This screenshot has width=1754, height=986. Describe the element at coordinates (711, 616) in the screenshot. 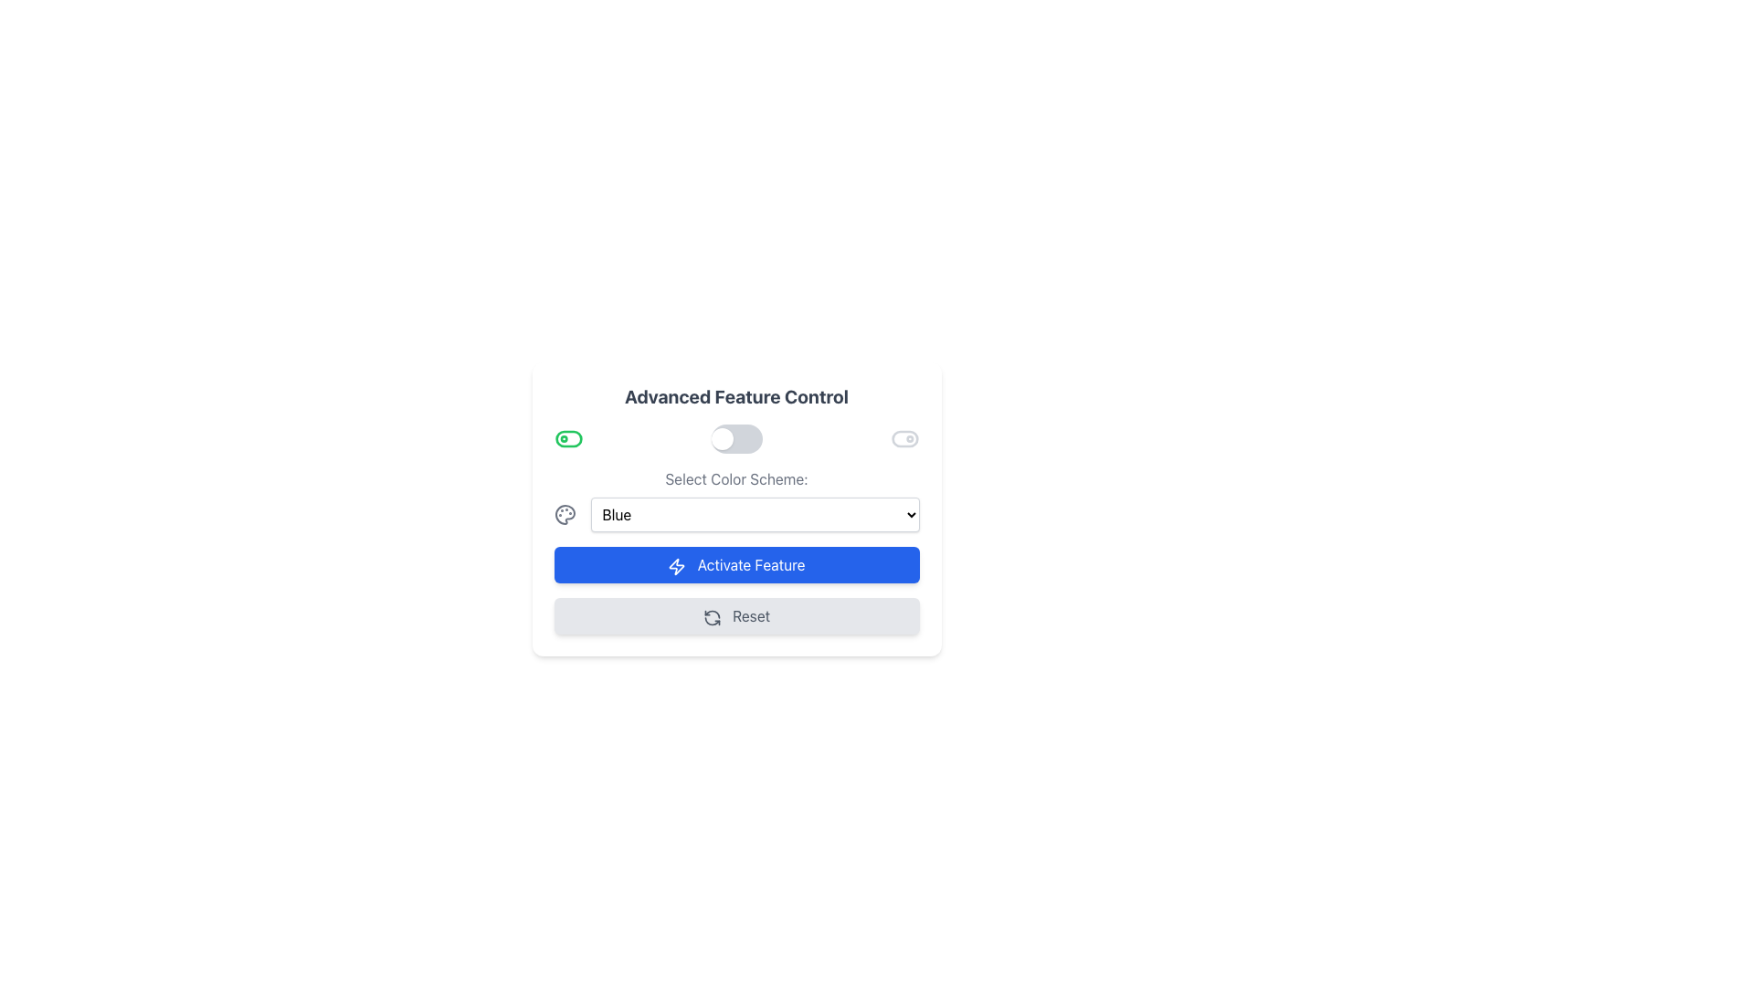

I see `the circular arrow icon, which is outlined in gray and located to the left of the 'Reset' text within the button` at that location.